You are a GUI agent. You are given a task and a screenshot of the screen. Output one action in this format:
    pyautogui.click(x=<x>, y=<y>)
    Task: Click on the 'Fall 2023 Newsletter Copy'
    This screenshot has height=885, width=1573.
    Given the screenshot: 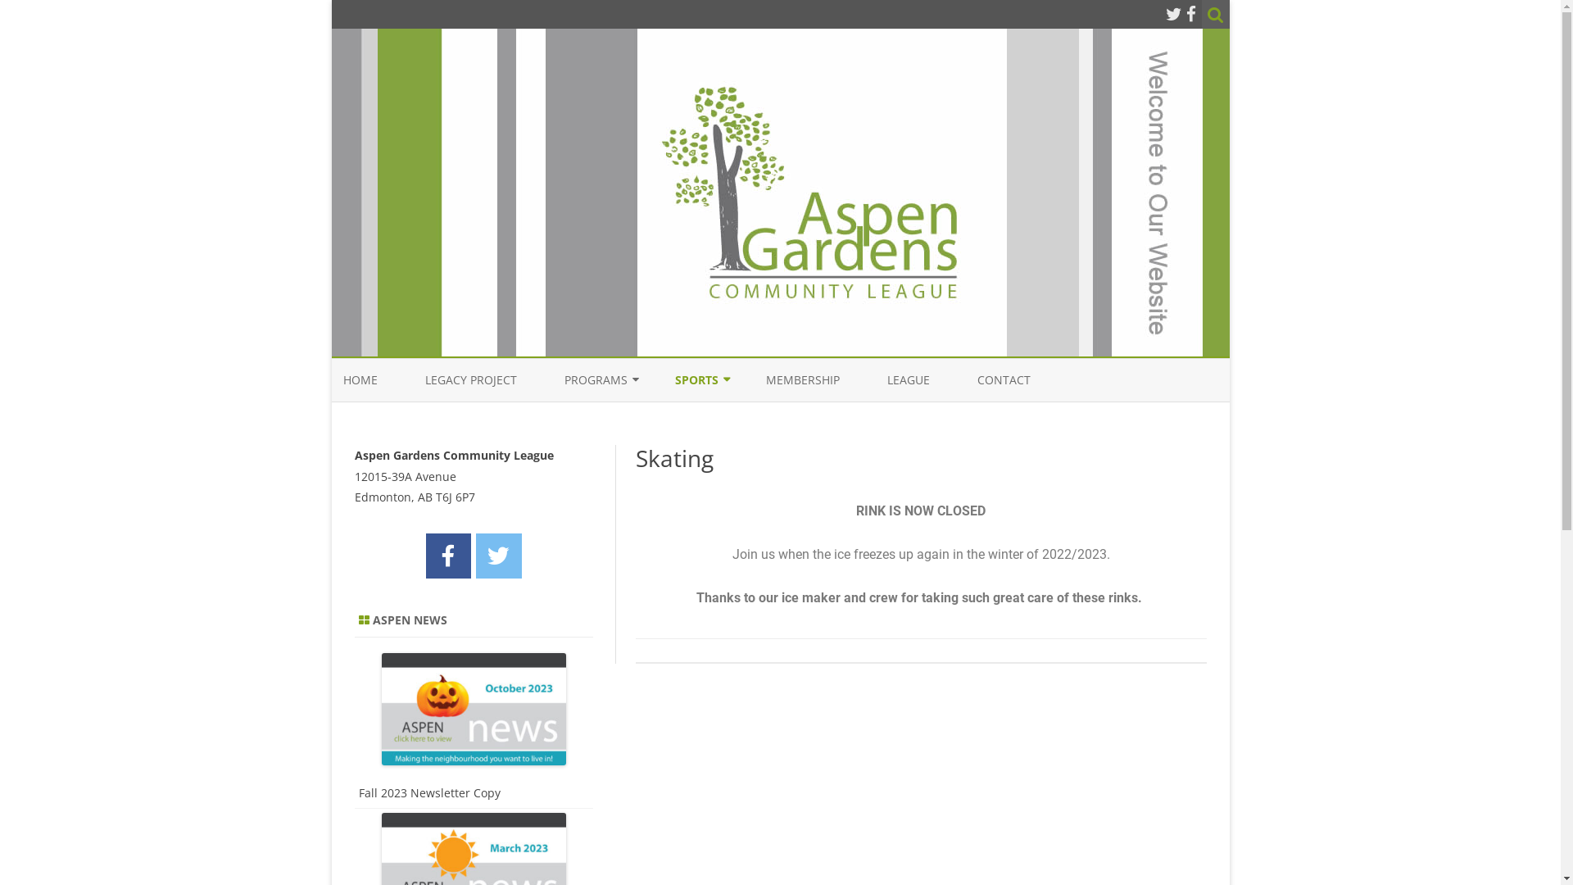 What is the action you would take?
    pyautogui.click(x=429, y=792)
    